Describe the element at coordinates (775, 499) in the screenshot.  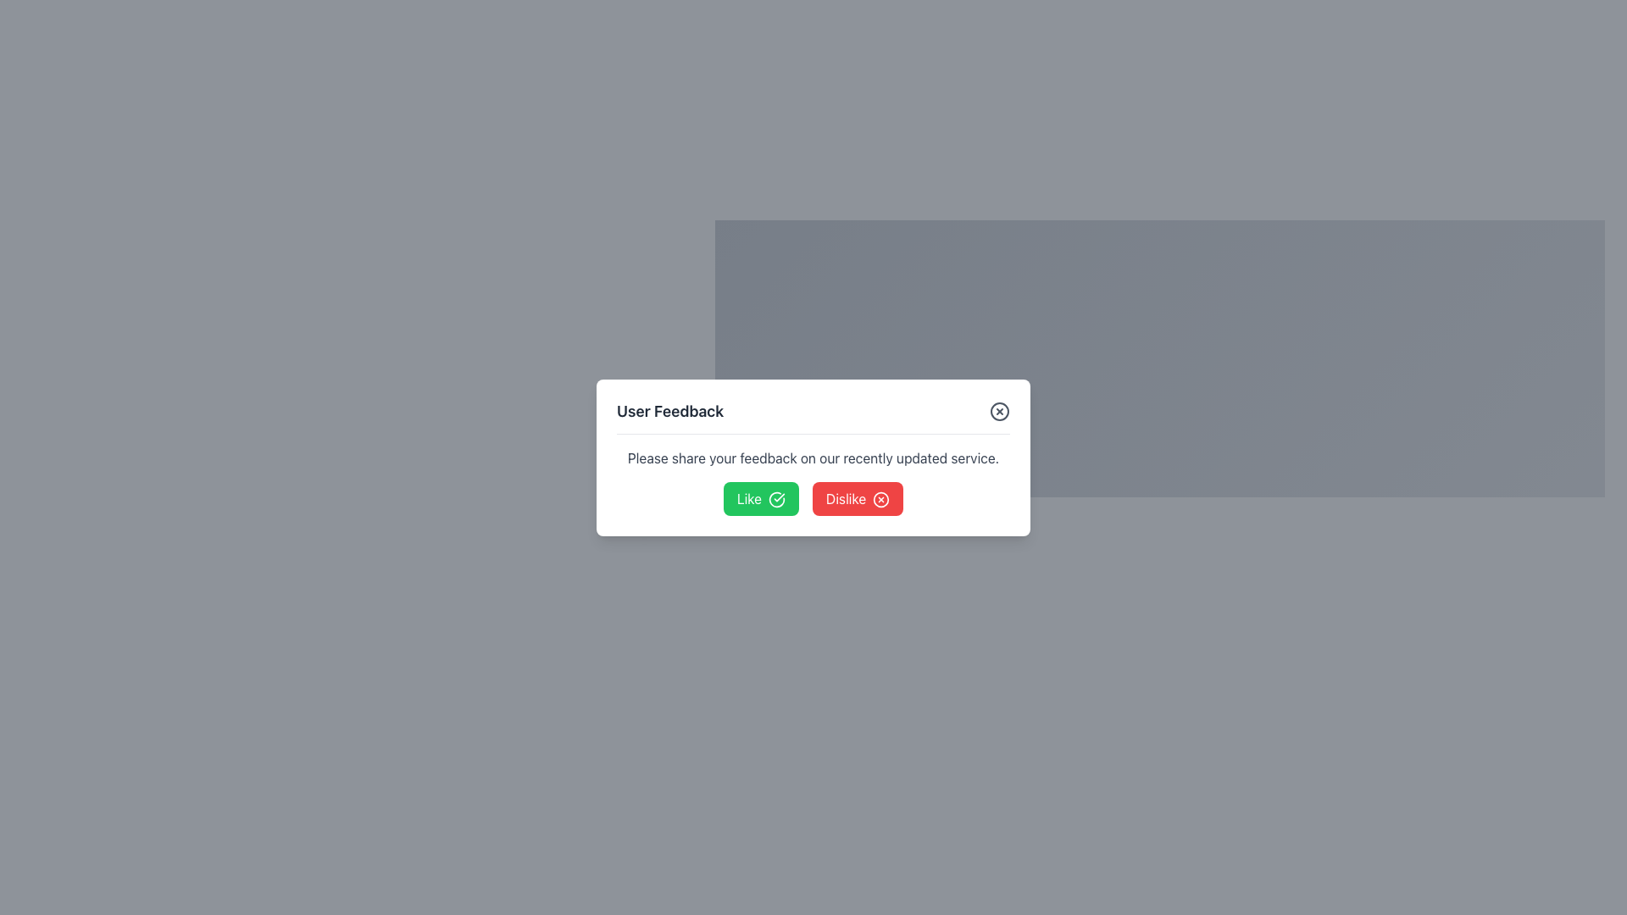
I see `design of the circular icon with a check mark inside, which is styled with a green background and positioned to the right of the 'Like' button in the feedback dialog box` at that location.